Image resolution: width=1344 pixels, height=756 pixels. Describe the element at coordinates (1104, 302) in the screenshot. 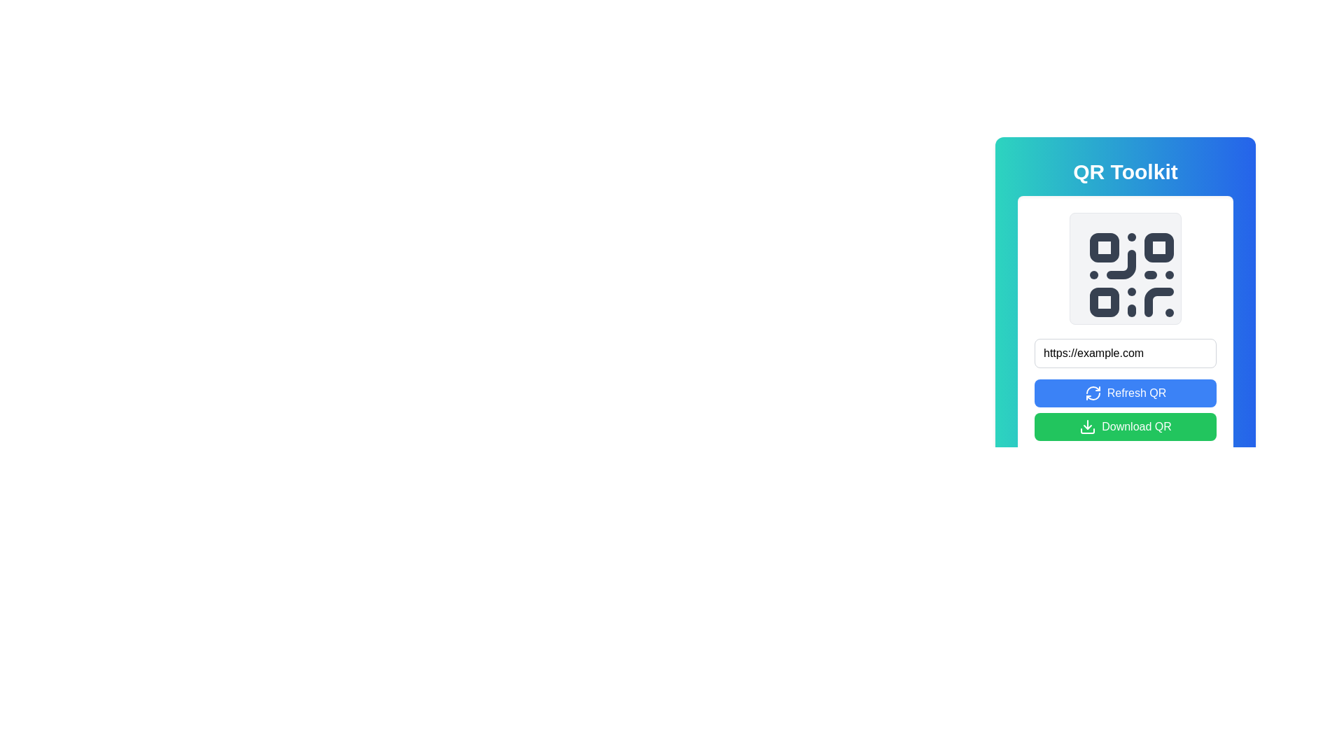

I see `the bottom-left square block of the QR code graphic, which is a key structural component for its recognition by scanning devices` at that location.